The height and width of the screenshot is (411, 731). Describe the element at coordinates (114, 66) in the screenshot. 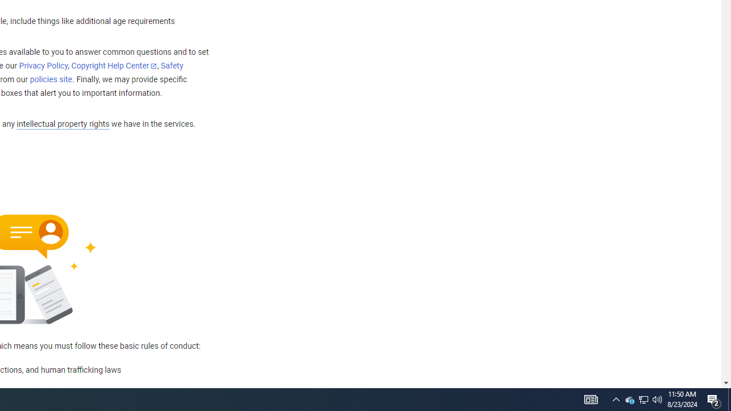

I see `'Copyright Help Center'` at that location.